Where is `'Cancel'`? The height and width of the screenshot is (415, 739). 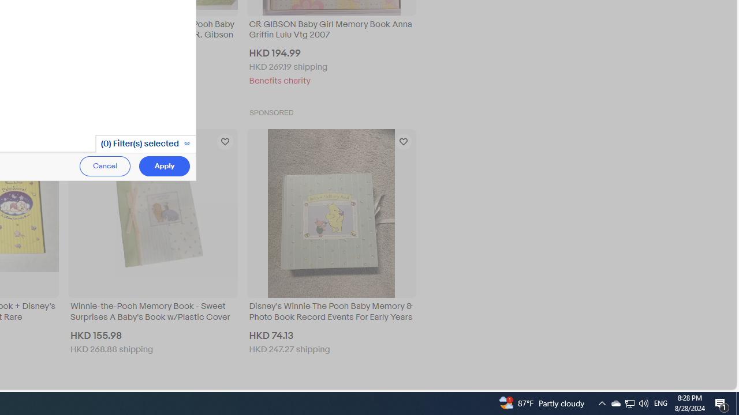 'Cancel' is located at coordinates (105, 166).